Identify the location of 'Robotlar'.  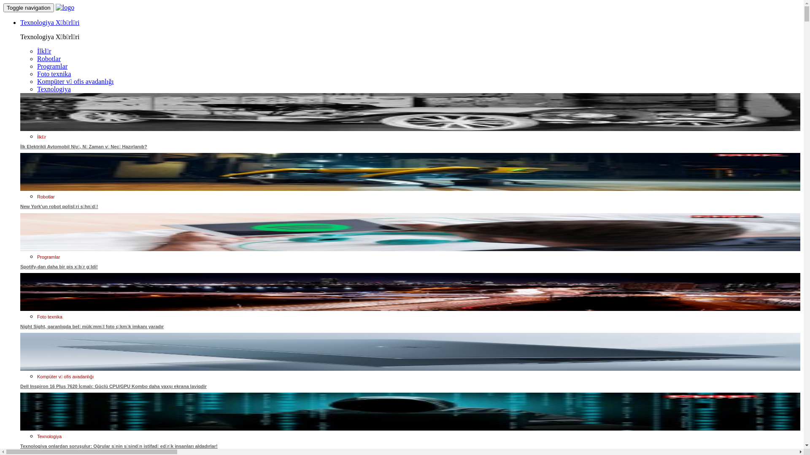
(46, 196).